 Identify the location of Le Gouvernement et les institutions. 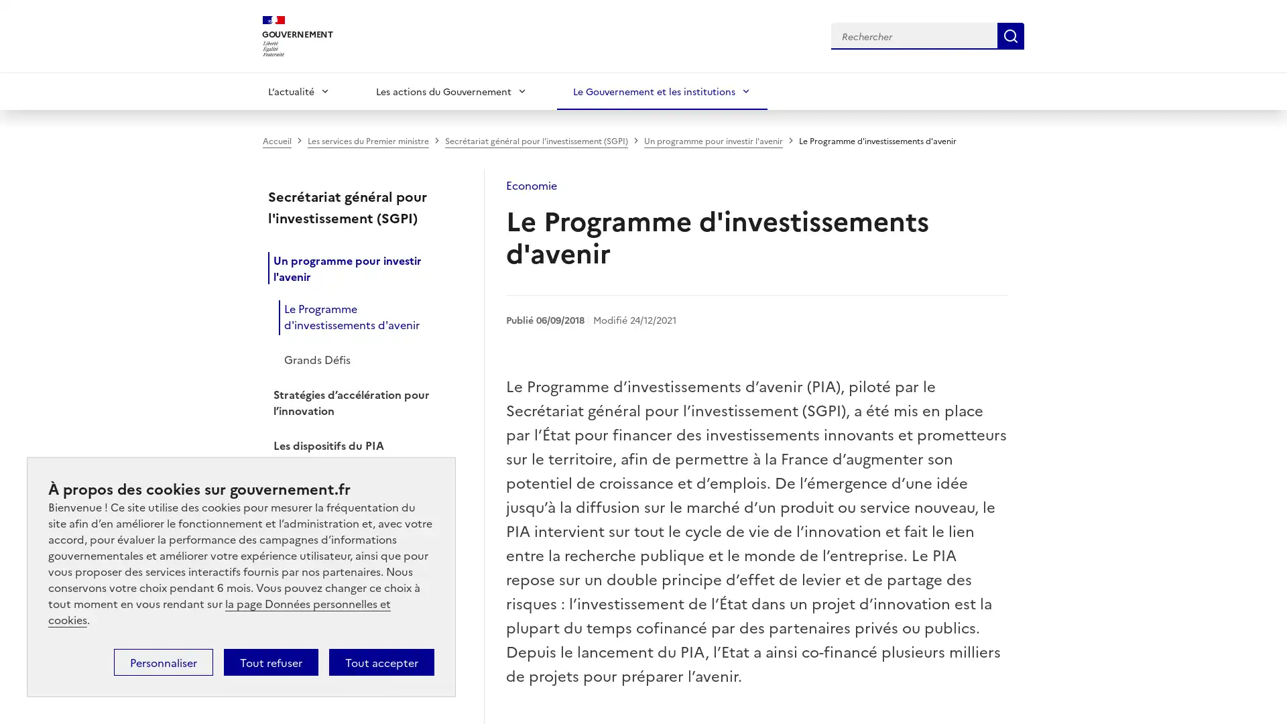
(662, 90).